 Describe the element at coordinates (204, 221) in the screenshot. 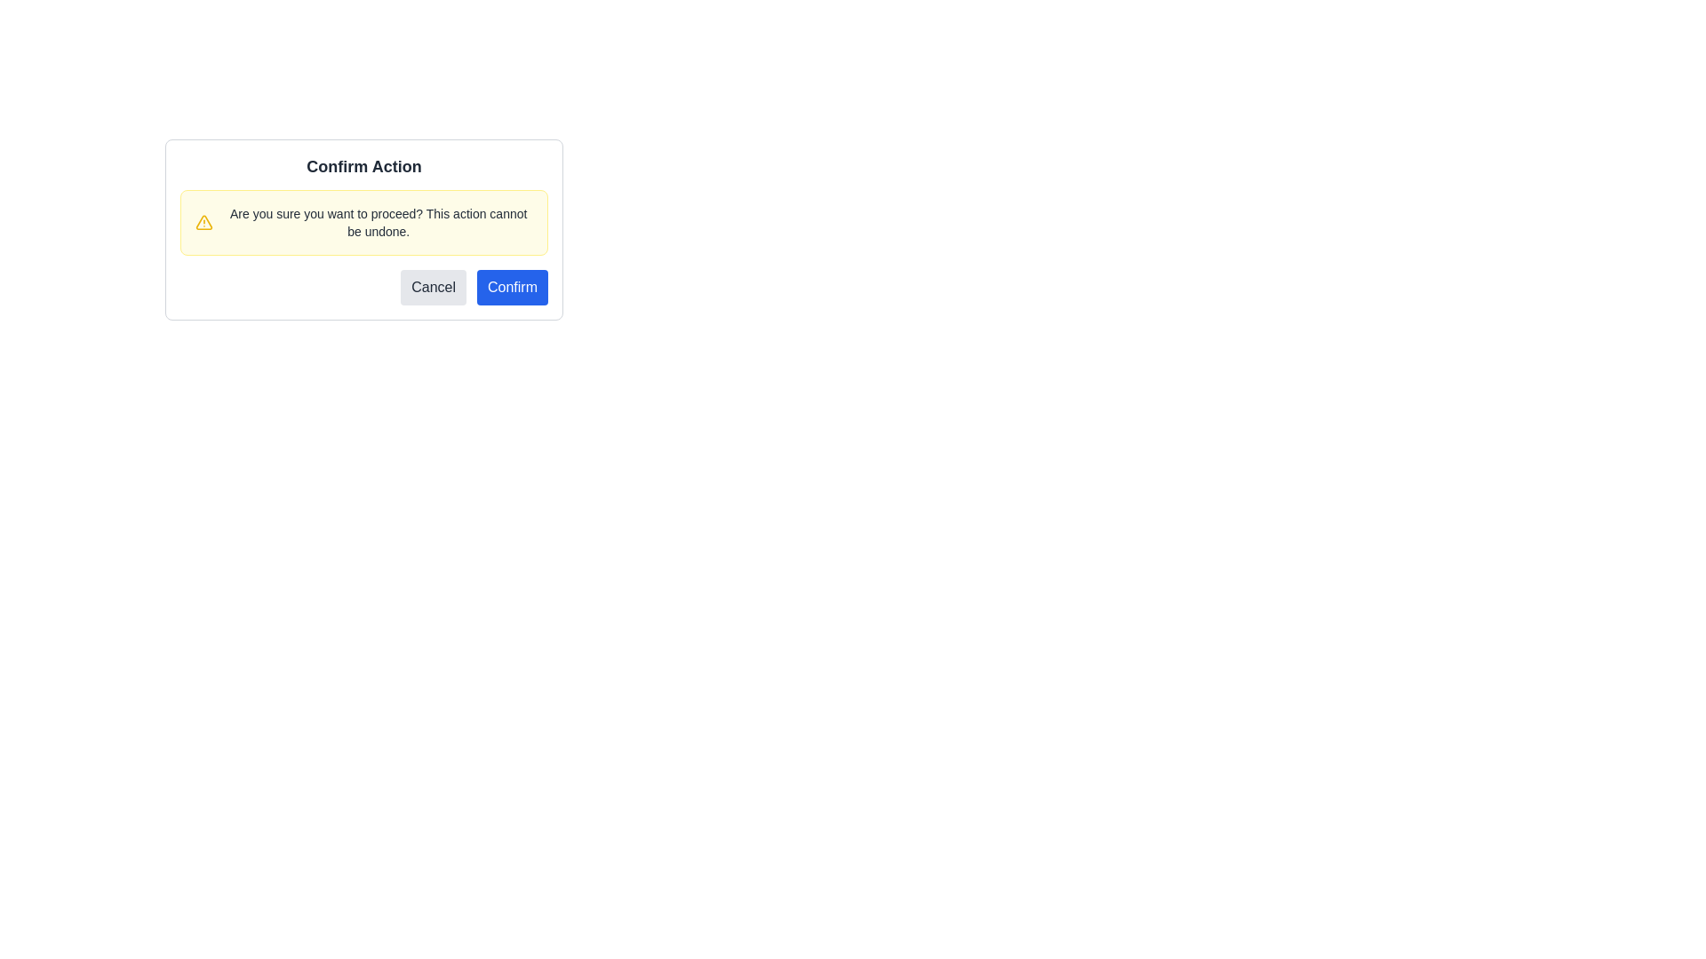

I see `the triangular warning icon with a yellow fill and hollow outline located within the alert box of a confirmation prompt` at that location.